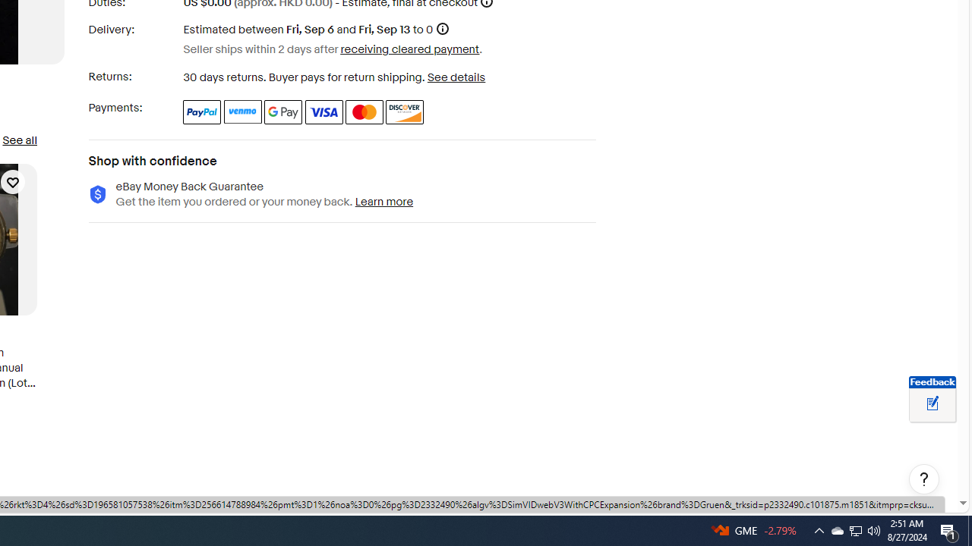 This screenshot has width=972, height=546. What do you see at coordinates (923, 479) in the screenshot?
I see `'Help, opens dialogs'` at bounding box center [923, 479].